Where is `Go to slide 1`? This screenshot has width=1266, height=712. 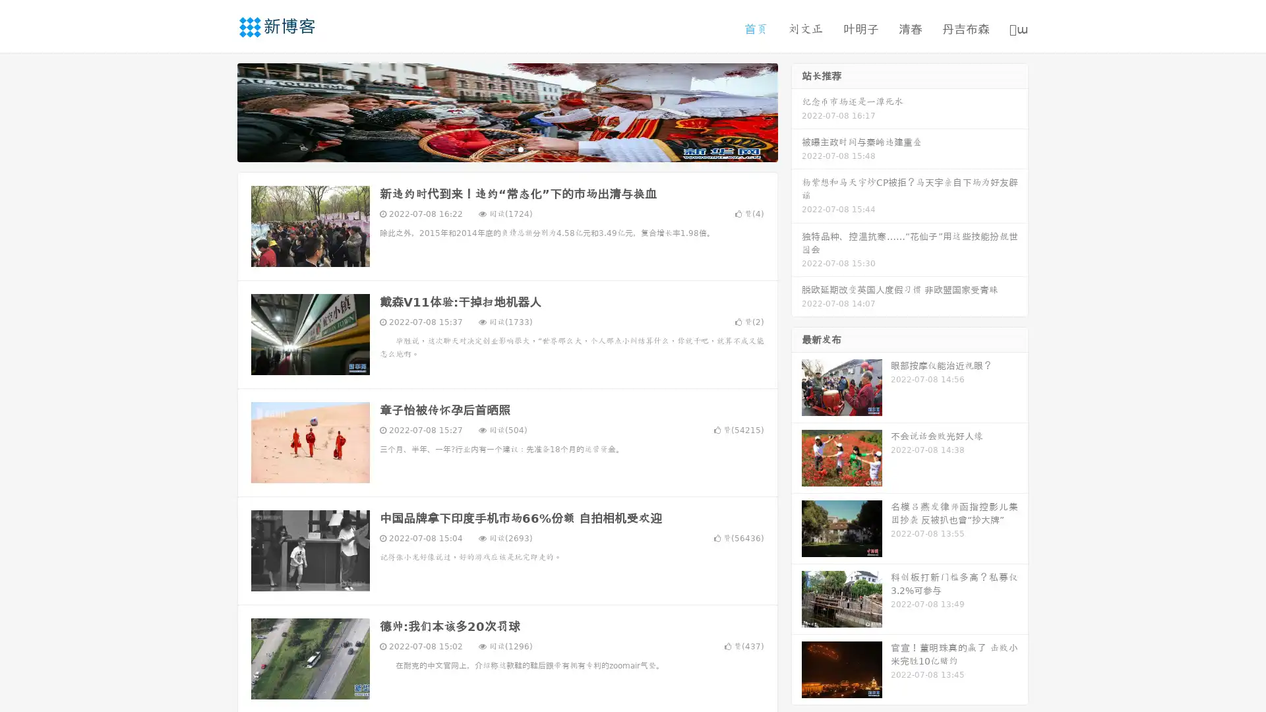
Go to slide 1 is located at coordinates (493, 148).